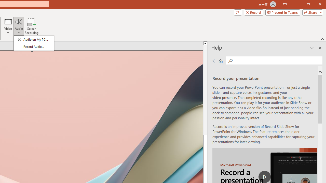 Image resolution: width=326 pixels, height=183 pixels. What do you see at coordinates (33, 43) in the screenshot?
I see `'Audi&o'` at bounding box center [33, 43].